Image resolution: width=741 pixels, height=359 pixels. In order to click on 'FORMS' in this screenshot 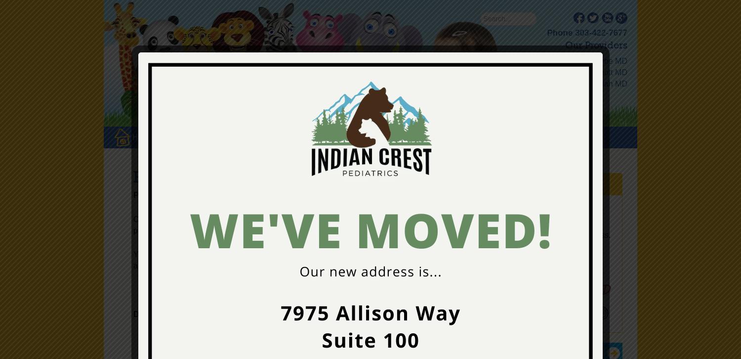, I will do `click(554, 136)`.